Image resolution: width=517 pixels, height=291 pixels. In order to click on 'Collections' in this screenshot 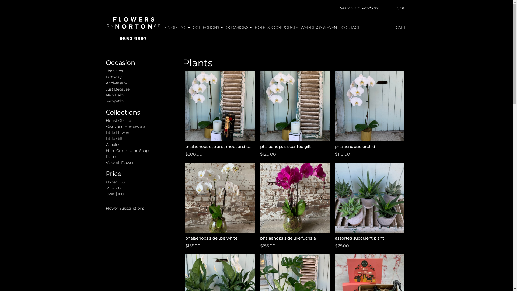, I will do `click(106, 112)`.